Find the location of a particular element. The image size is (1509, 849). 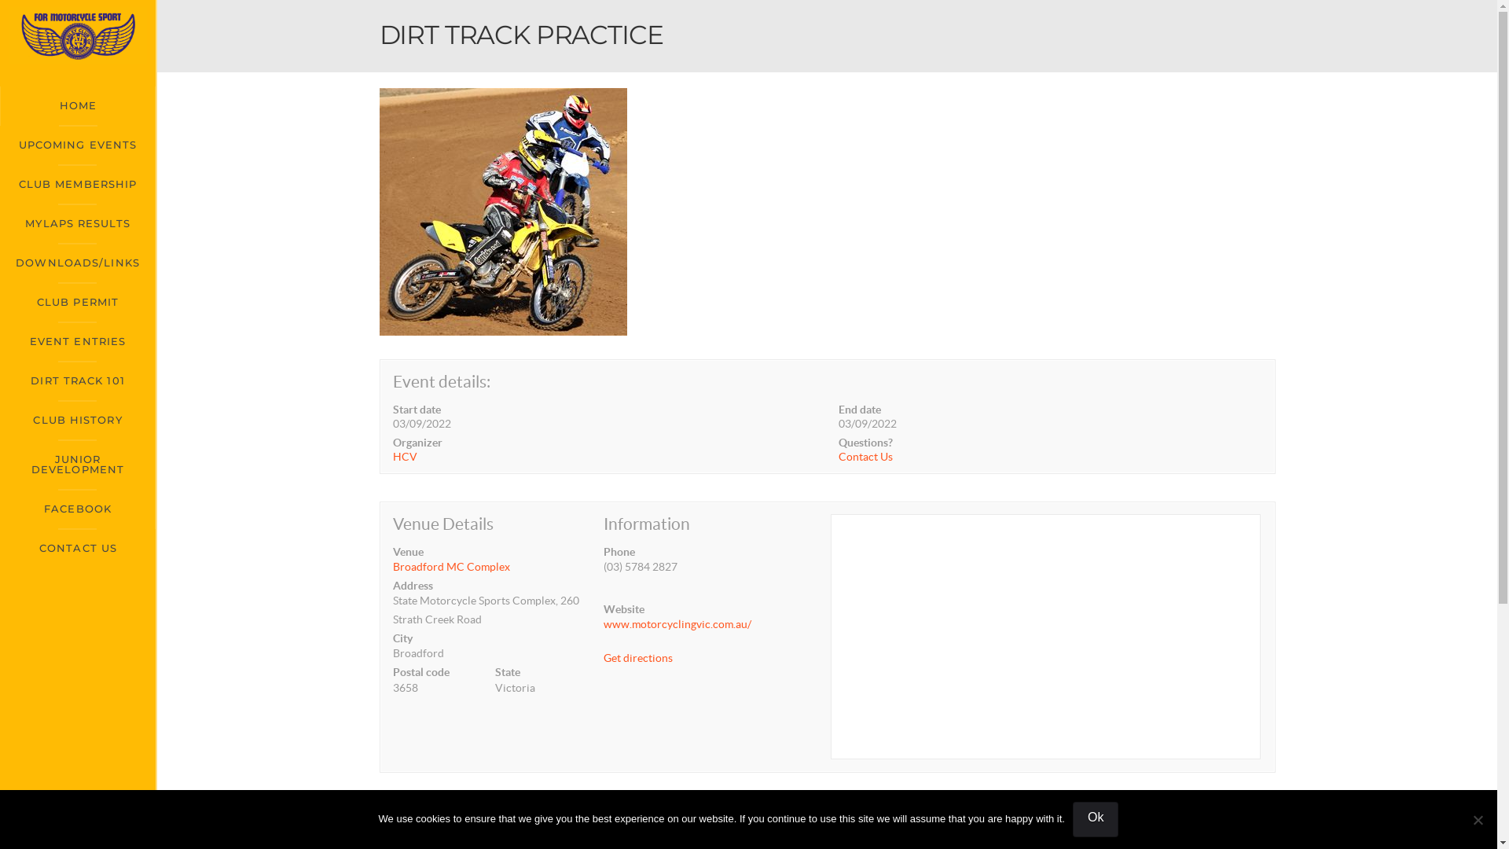

'EVENT ENTRIES' is located at coordinates (77, 341).